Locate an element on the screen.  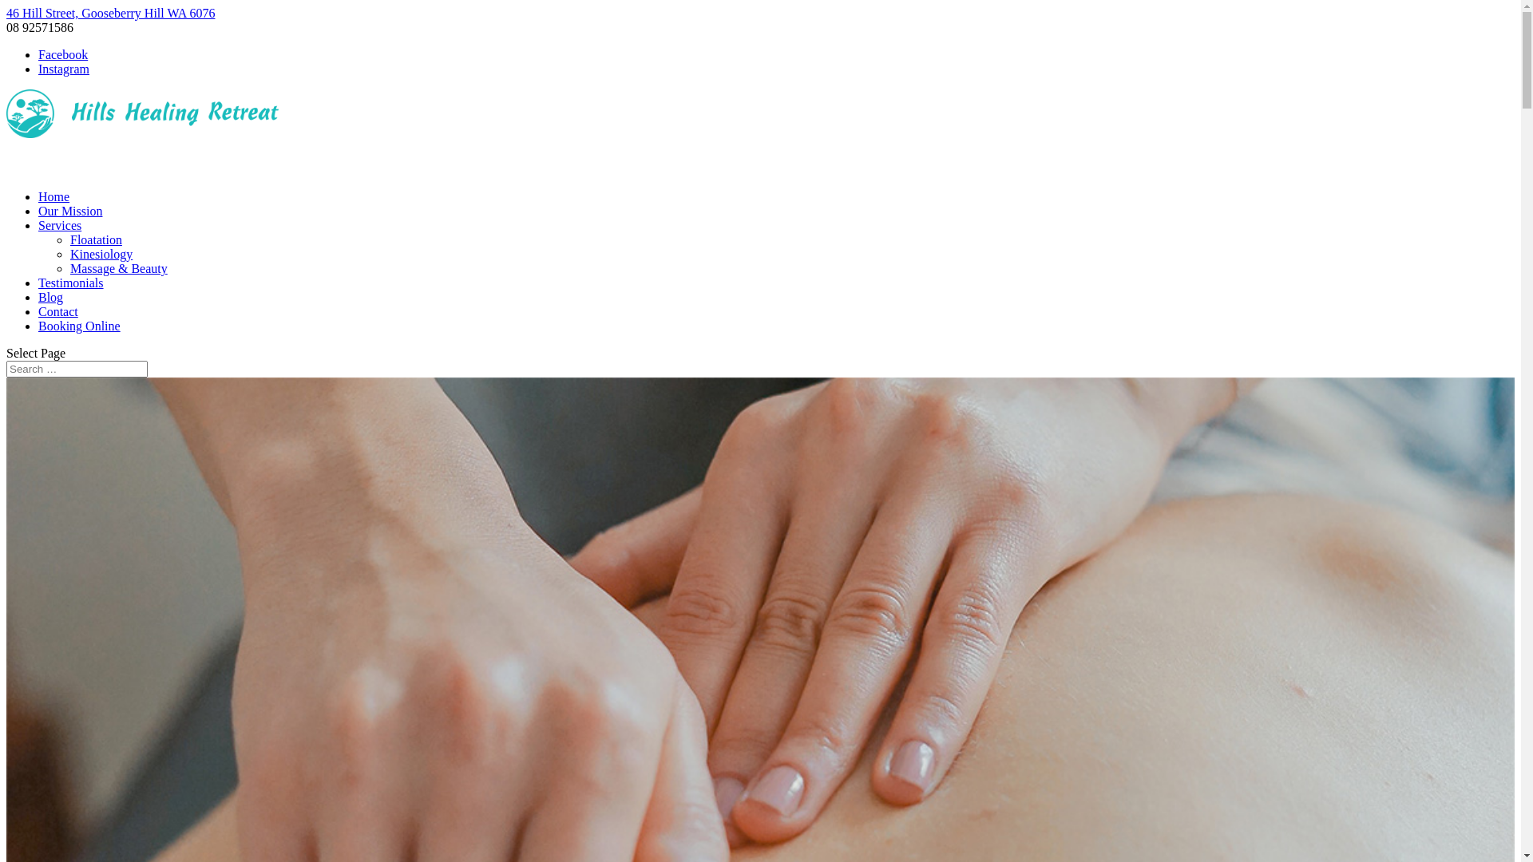
'Kinesiology' is located at coordinates (100, 253).